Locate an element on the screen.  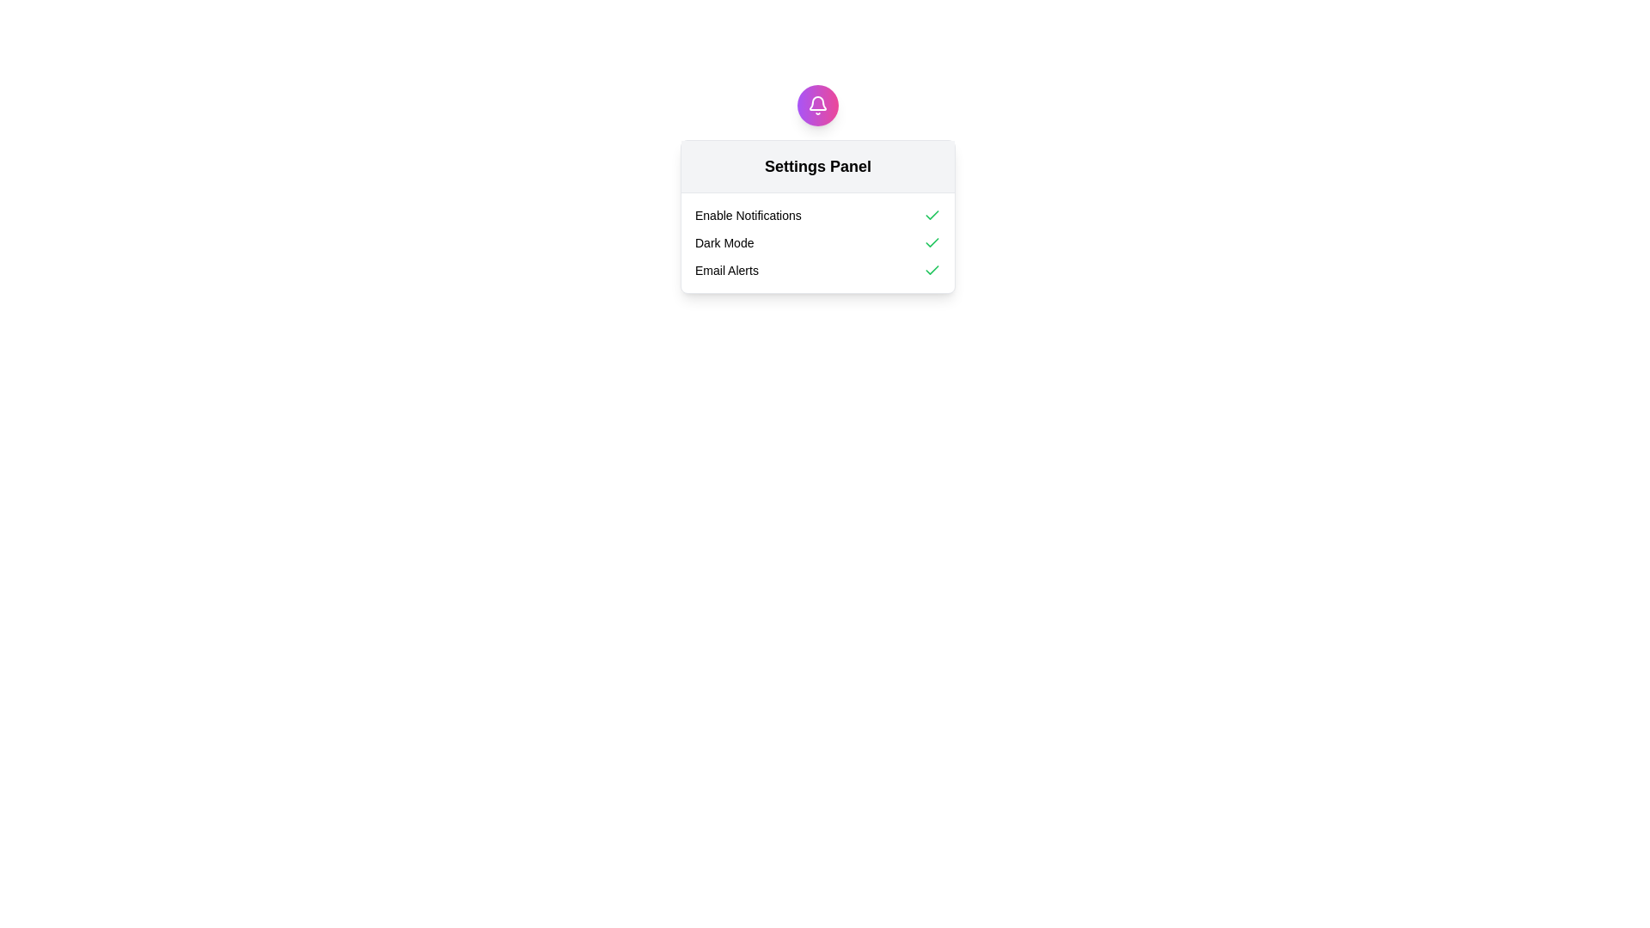
the checkmark icon with a green outline, which is positioned to the right of the 'Enable Notifications' text is located at coordinates (931, 214).